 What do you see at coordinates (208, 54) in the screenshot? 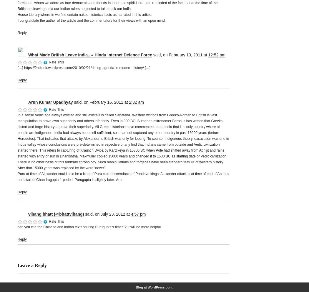
I see `'12:52 pm'` at bounding box center [208, 54].